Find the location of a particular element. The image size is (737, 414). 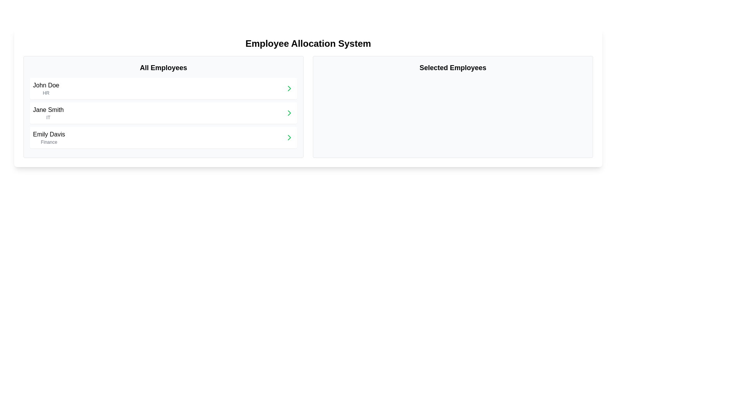

the rightward-pointing green arrow icon button located within the third item of the 'All Employees' list for user 'Jane Smith' in the IT department is located at coordinates (289, 113).